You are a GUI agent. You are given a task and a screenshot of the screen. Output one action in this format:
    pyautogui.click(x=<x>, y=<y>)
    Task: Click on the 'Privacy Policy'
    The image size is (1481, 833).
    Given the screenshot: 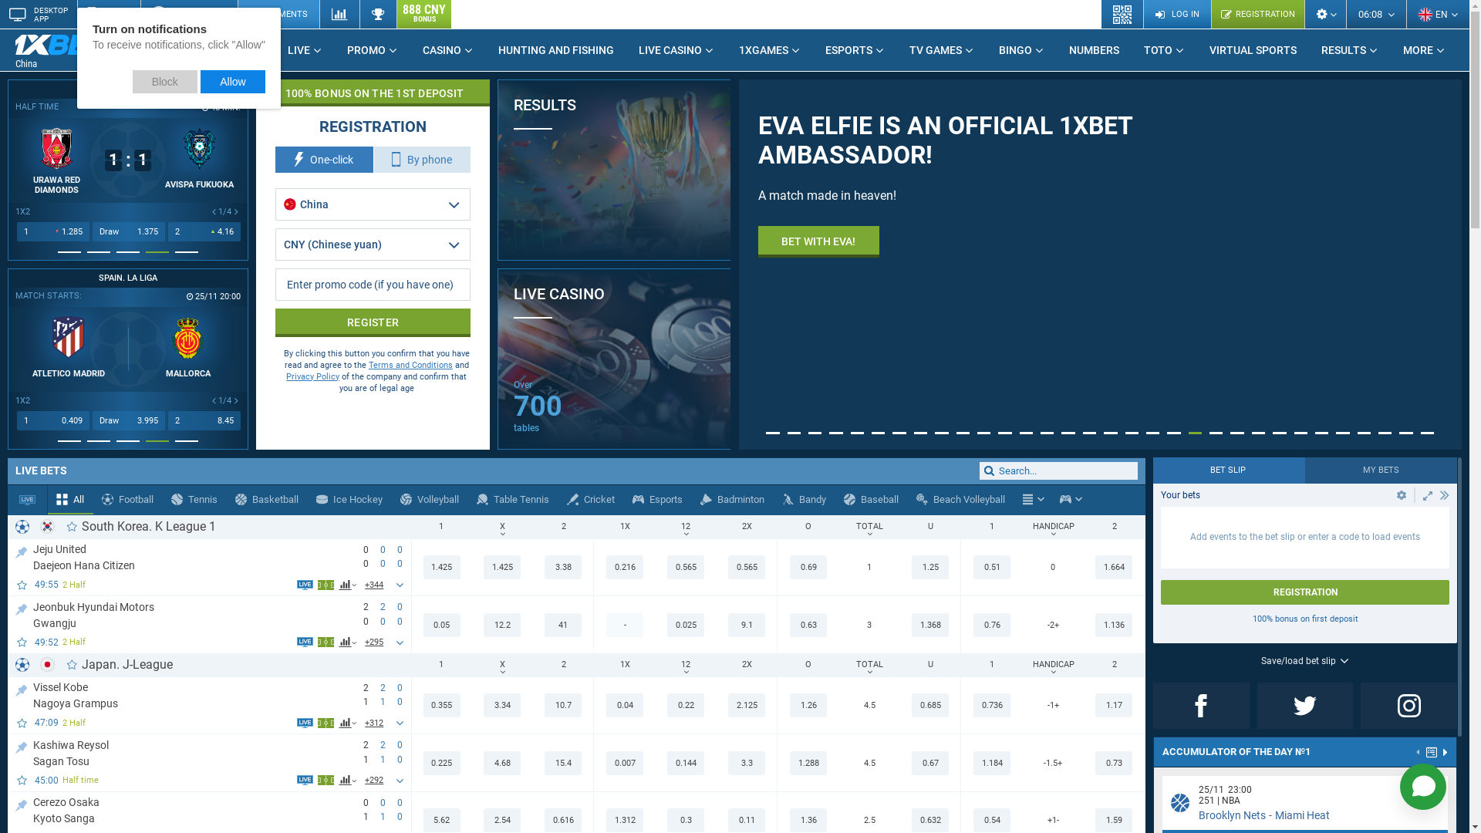 What is the action you would take?
    pyautogui.click(x=312, y=376)
    